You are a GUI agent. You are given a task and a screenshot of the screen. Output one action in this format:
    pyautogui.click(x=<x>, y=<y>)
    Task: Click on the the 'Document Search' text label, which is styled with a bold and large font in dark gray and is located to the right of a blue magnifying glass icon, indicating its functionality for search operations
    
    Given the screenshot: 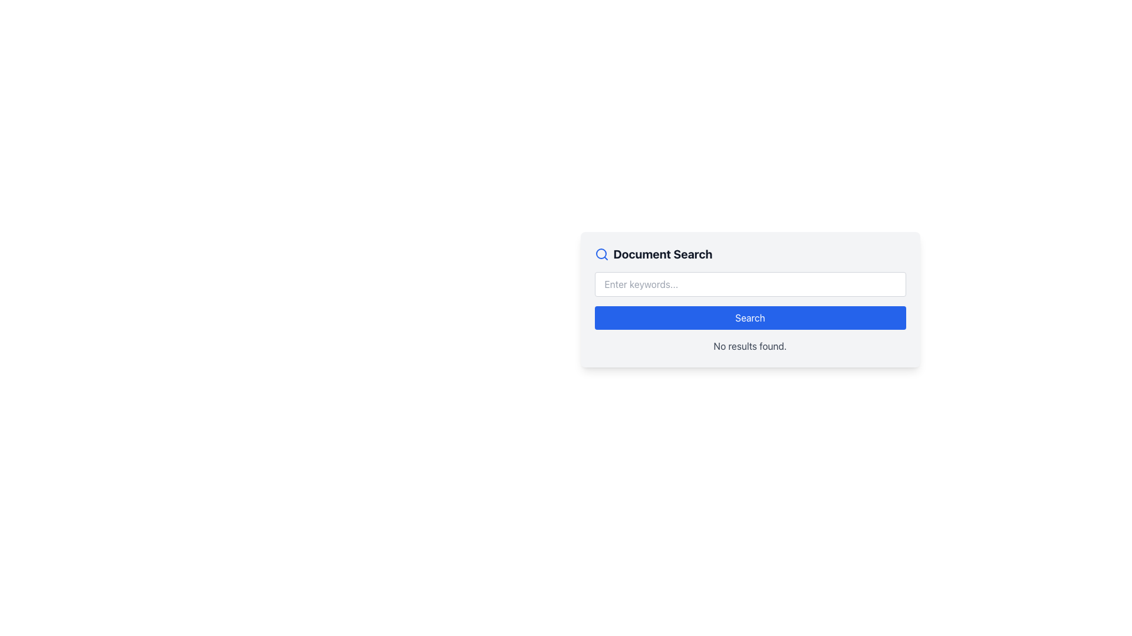 What is the action you would take?
    pyautogui.click(x=663, y=254)
    